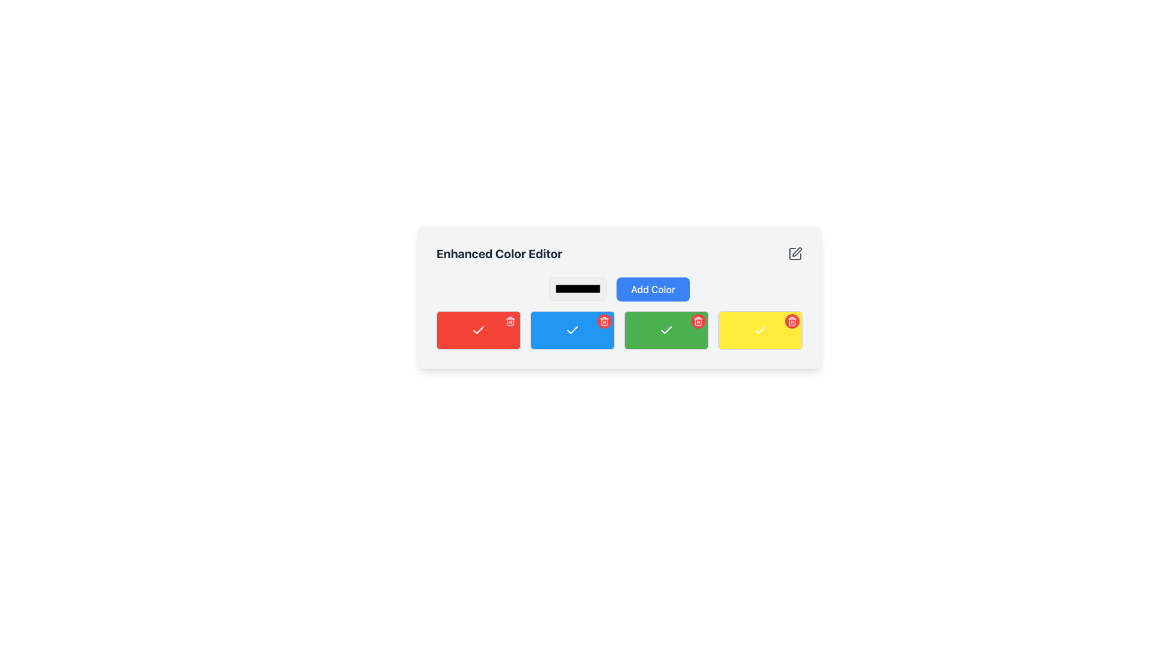 The image size is (1156, 650). I want to click on the white checkmark icon on the red button, which is the first button in the horizontal row located in the 'Enhanced Color Editor' section, so click(478, 330).